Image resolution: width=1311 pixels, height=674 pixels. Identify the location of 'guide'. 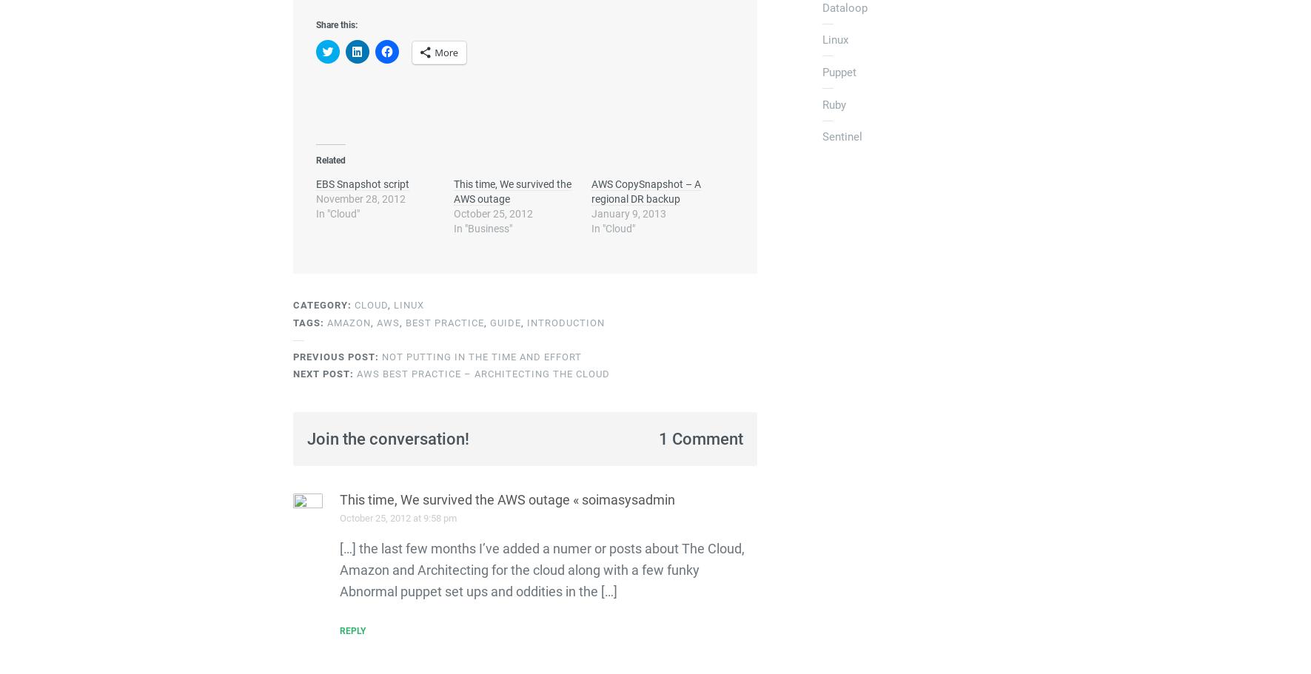
(505, 322).